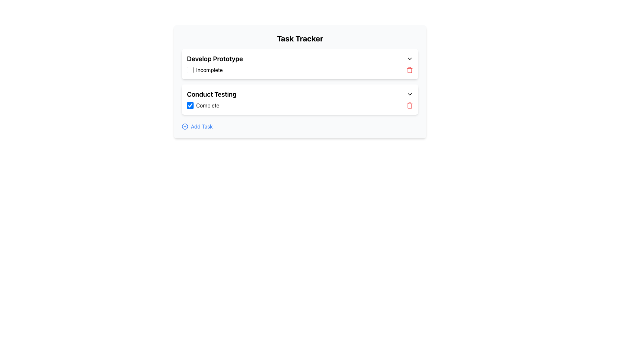  I want to click on the icon located to the left of the 'Add Task' text at the bottom of the visible content, so click(184, 127).